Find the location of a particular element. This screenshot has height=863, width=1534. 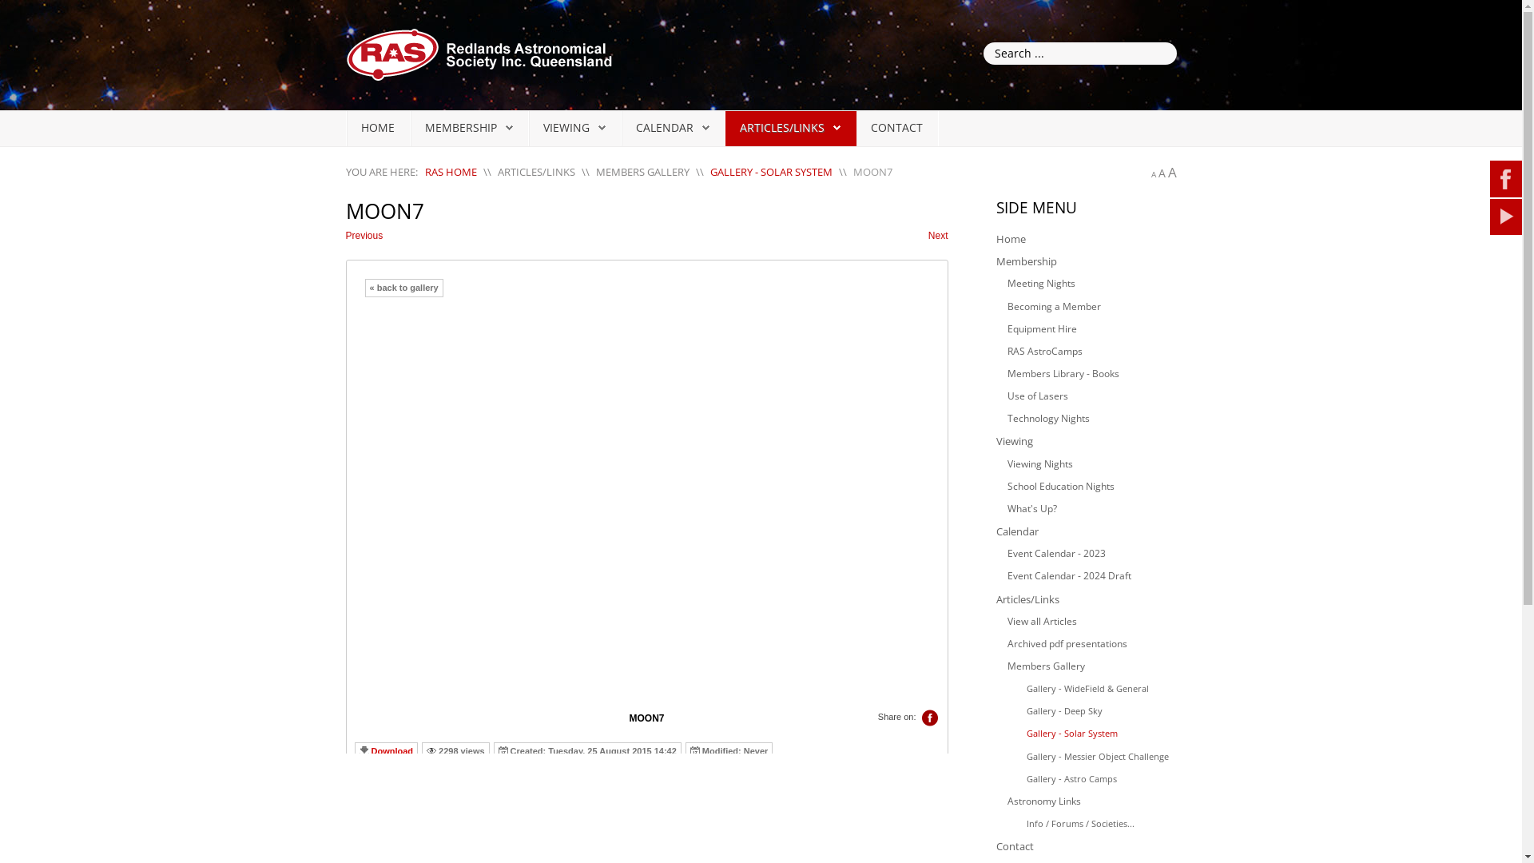

'Event Calendar - 2023' is located at coordinates (1091, 553).